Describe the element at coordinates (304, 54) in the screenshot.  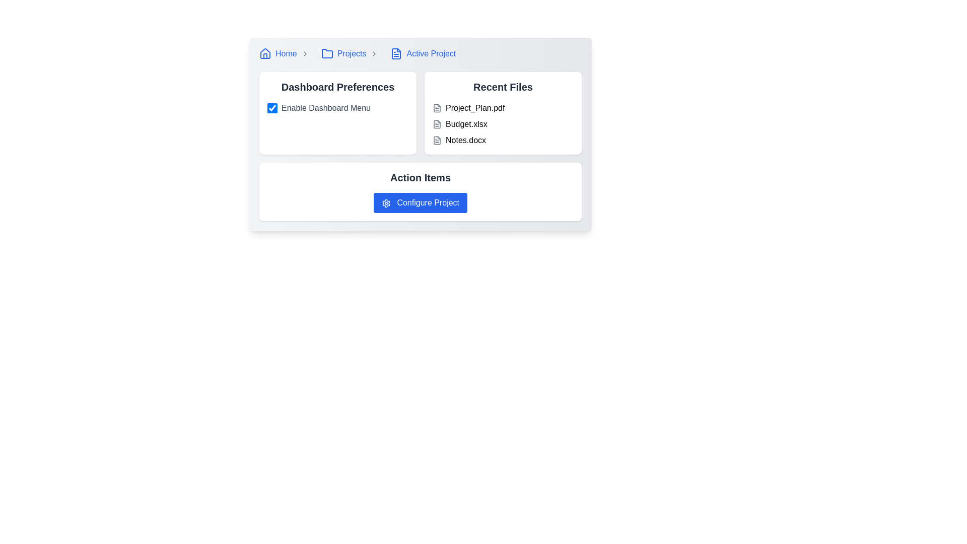
I see `the right-pointing chevron icon, which is a static, non-interactive SVG graphic element with a thin outline and rounded edges, located in the breadcrumb navigation bar between the 'Home' and 'Projects' links` at that location.